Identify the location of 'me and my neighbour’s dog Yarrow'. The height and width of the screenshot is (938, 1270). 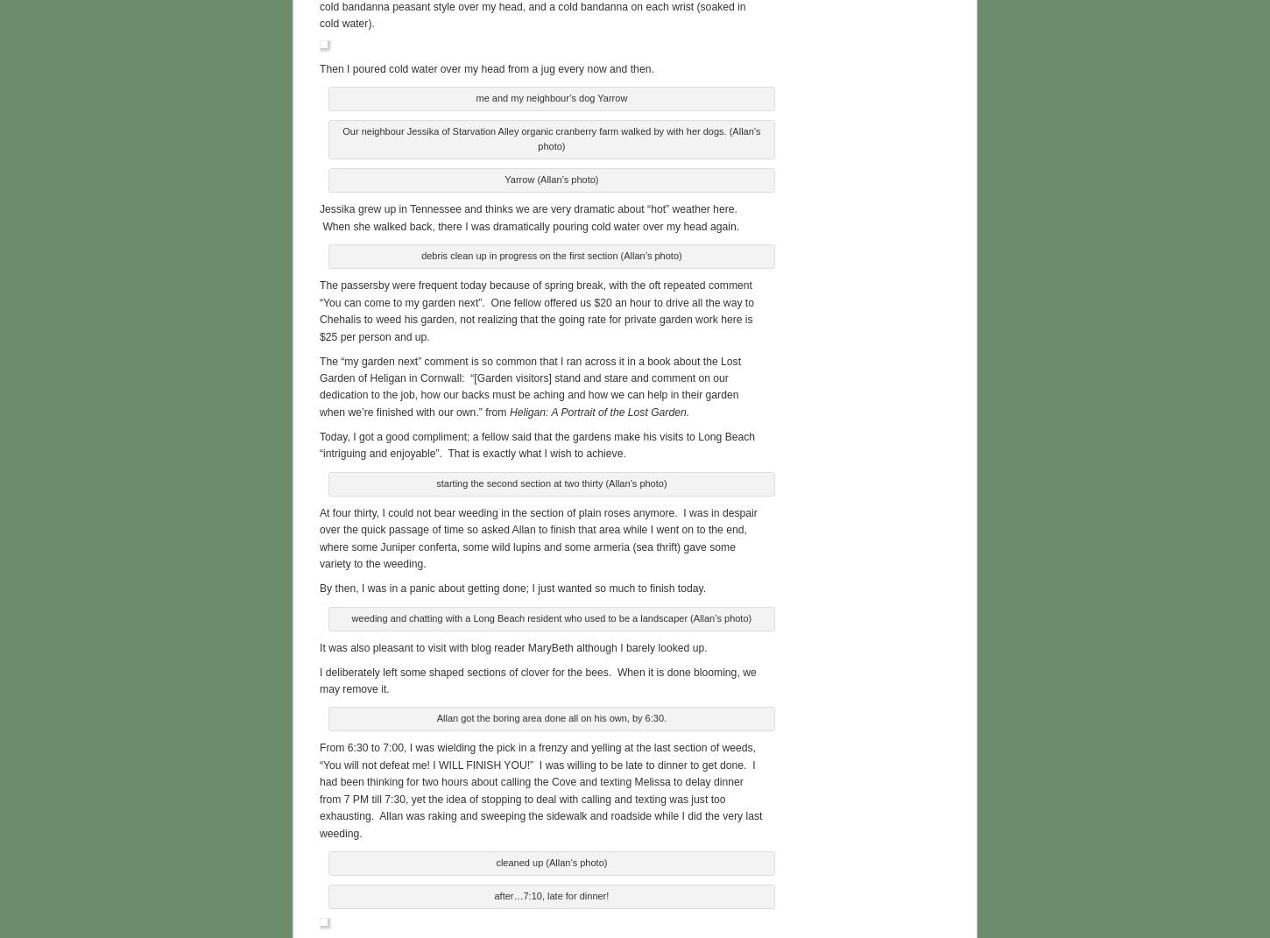
(550, 95).